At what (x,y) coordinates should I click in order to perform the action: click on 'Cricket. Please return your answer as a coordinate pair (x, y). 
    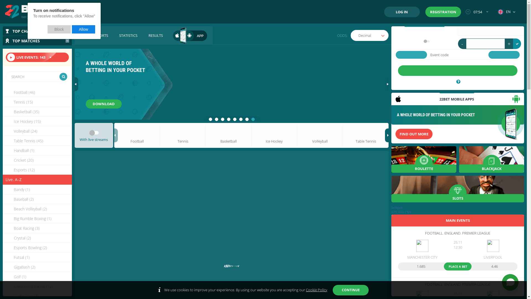
    Looking at the image, I should click on (37, 160).